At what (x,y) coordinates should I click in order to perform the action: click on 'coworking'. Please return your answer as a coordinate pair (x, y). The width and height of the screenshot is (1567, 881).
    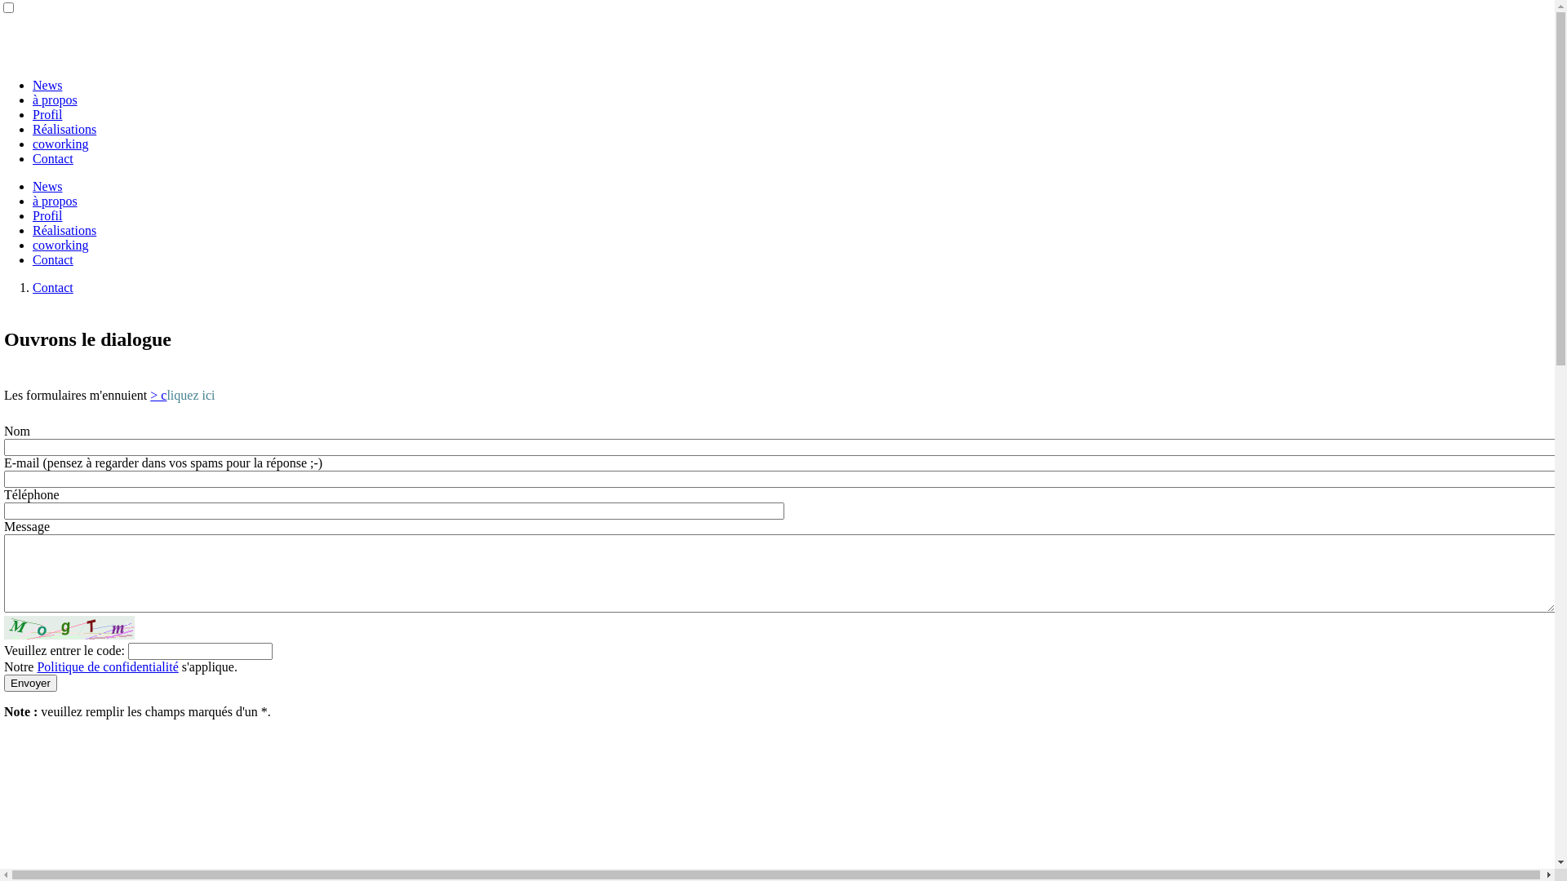
    Looking at the image, I should click on (60, 143).